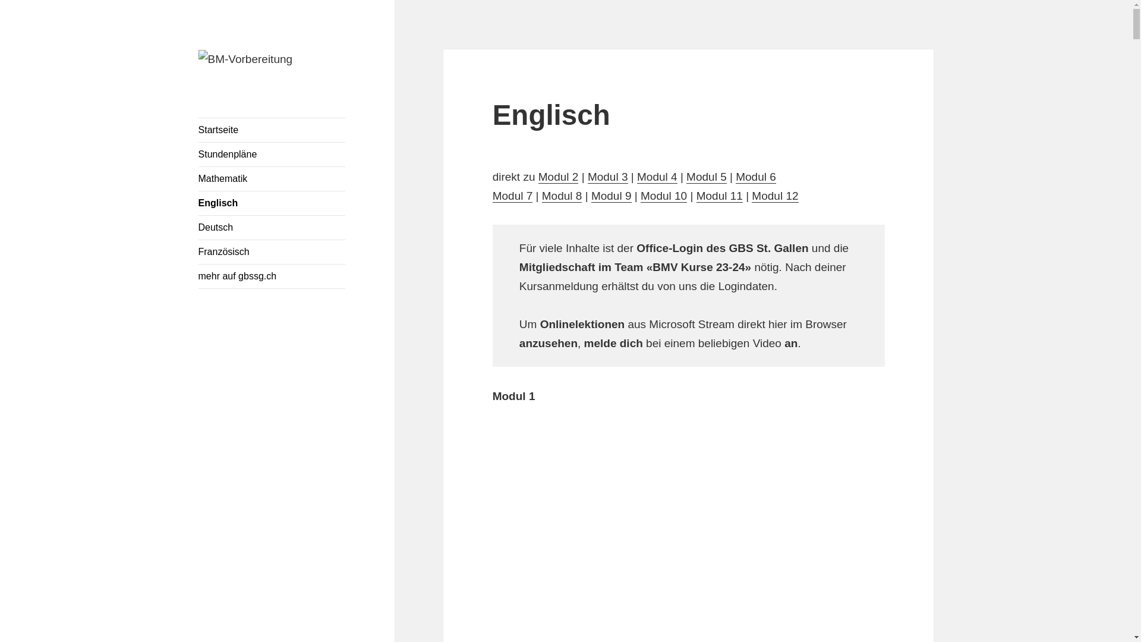 This screenshot has width=1141, height=642. Describe the element at coordinates (611, 196) in the screenshot. I see `'Modul 9'` at that location.